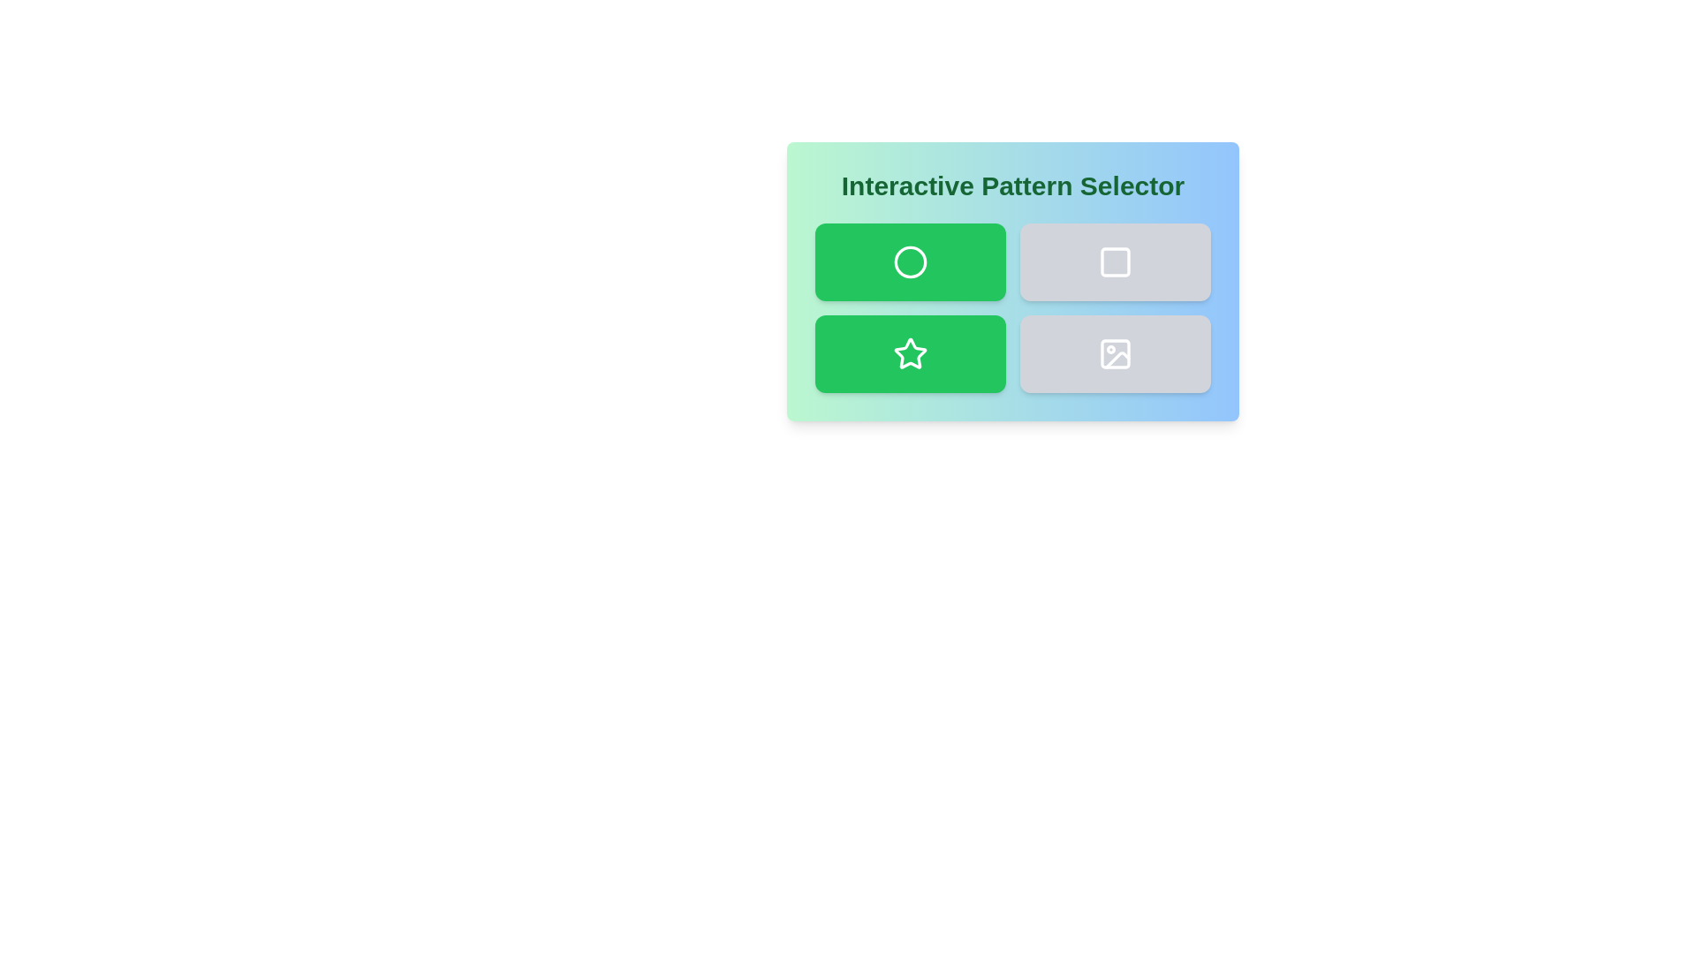 The height and width of the screenshot is (954, 1696). Describe the element at coordinates (1114, 354) in the screenshot. I see `the button corresponding to Custom` at that location.